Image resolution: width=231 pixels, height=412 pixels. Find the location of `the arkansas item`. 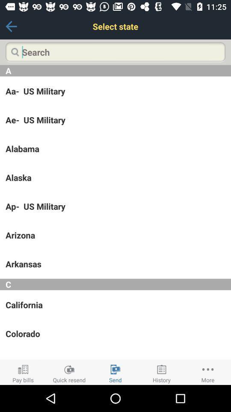

the arkansas item is located at coordinates (115, 264).